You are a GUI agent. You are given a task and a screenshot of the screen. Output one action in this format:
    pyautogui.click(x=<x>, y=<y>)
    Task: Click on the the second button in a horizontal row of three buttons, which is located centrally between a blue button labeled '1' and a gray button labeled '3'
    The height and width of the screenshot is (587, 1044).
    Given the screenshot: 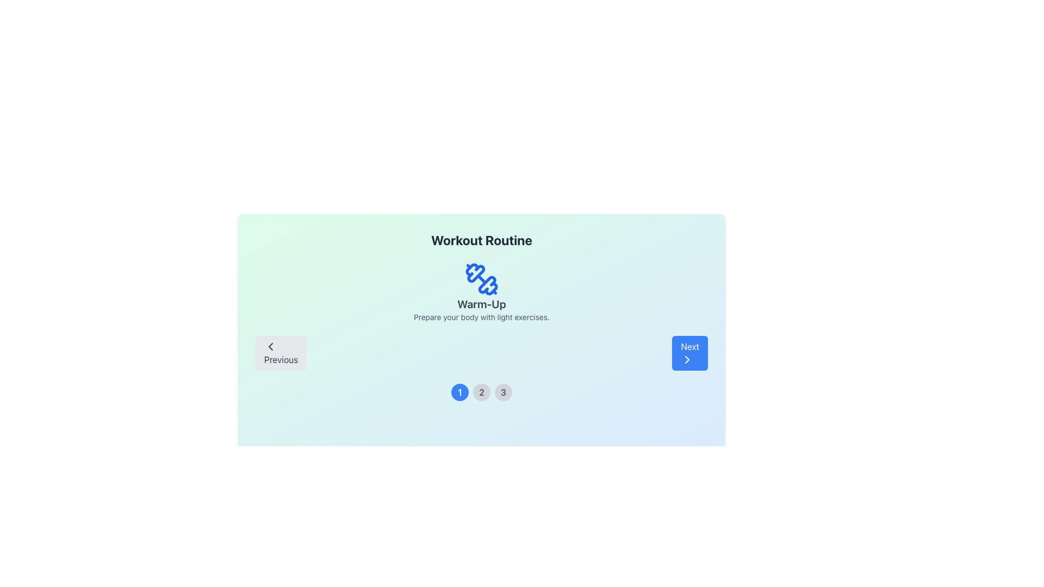 What is the action you would take?
    pyautogui.click(x=481, y=392)
    